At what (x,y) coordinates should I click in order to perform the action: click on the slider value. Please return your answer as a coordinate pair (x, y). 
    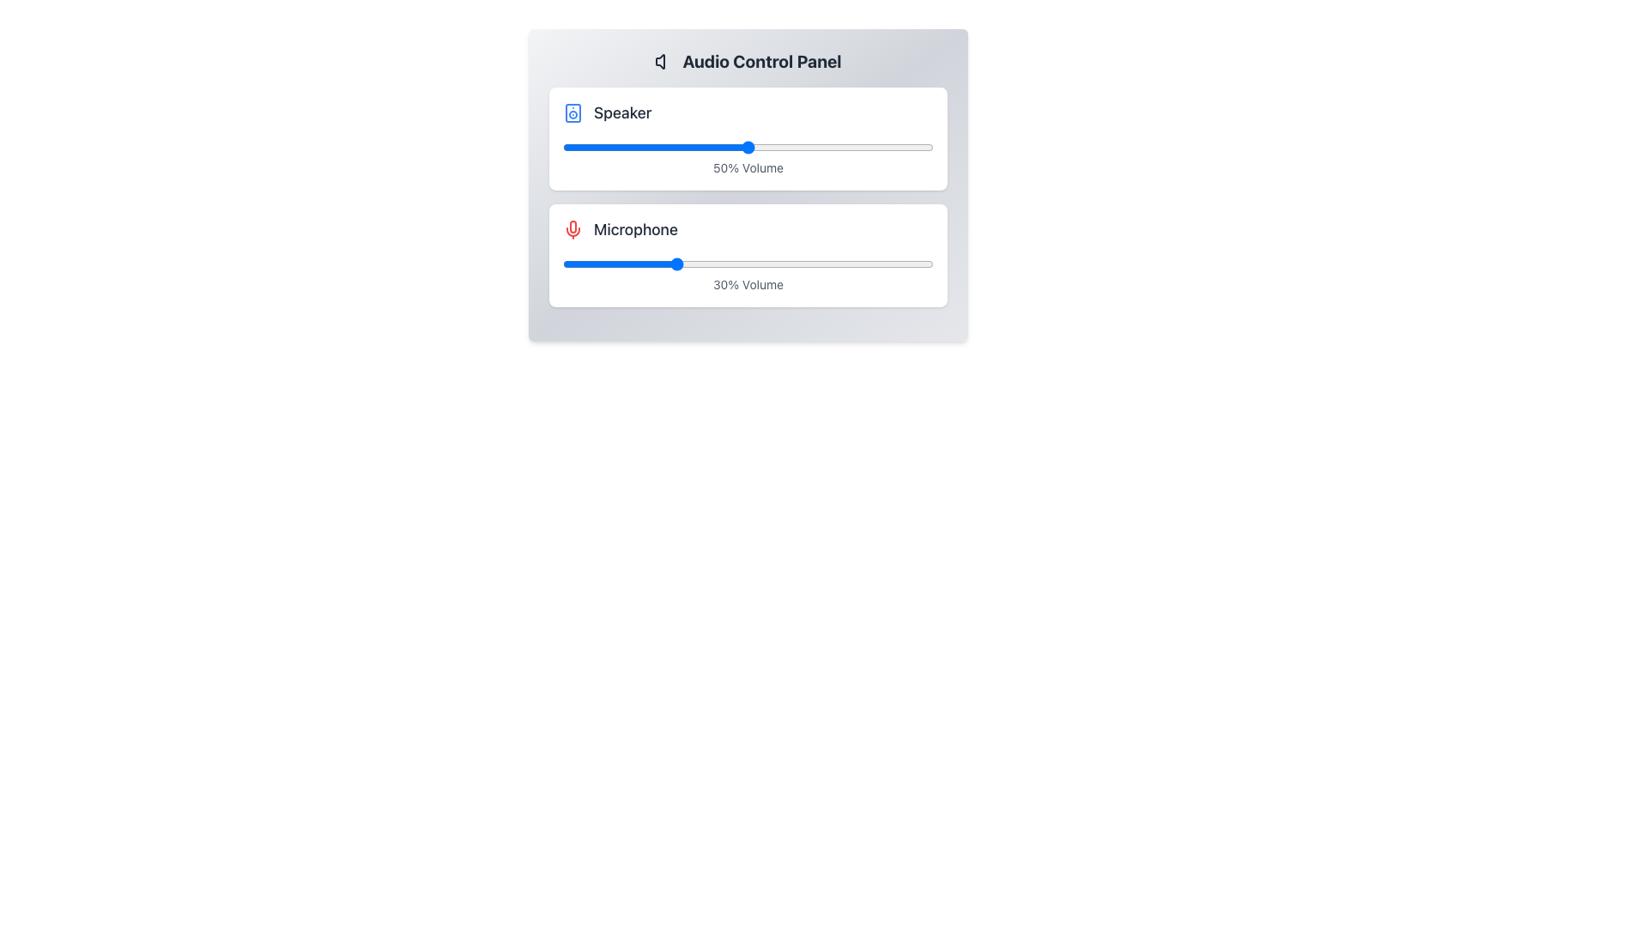
    Looking at the image, I should click on (885, 147).